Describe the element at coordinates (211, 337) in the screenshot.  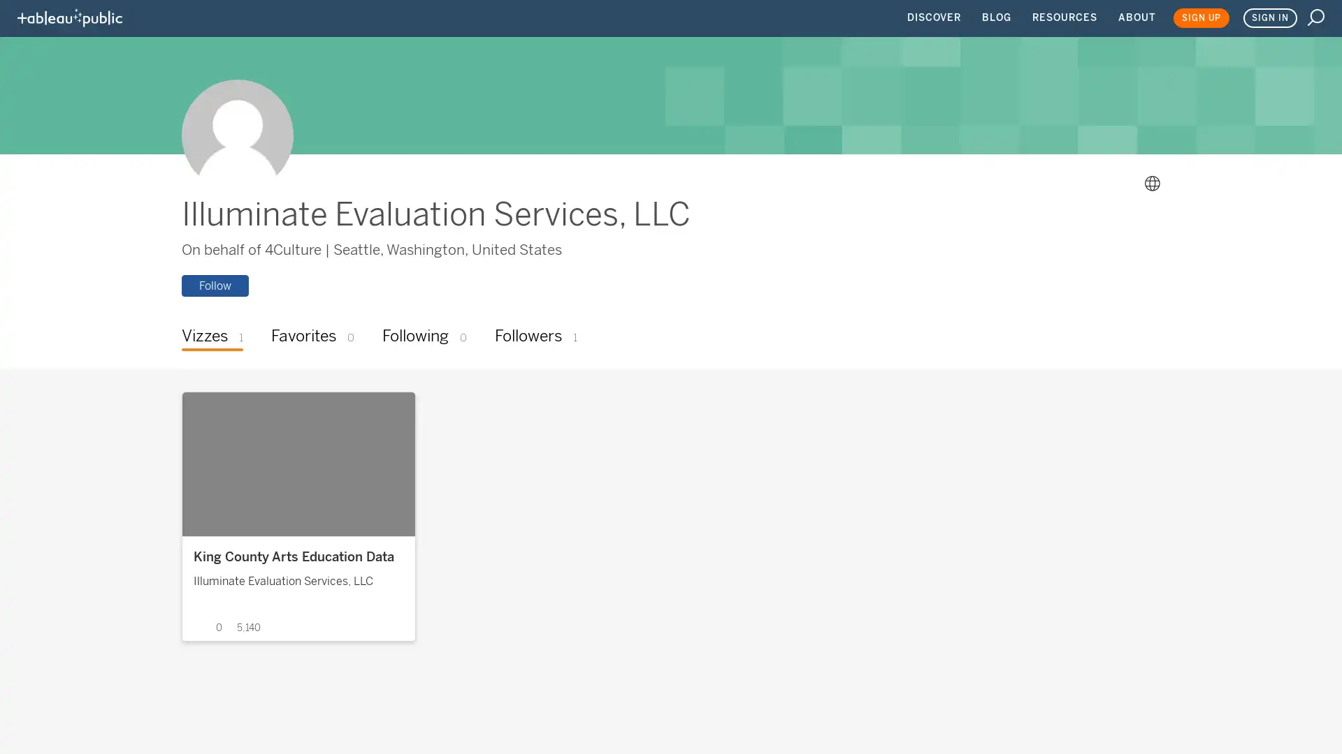
I see `Vizzes 1` at that location.